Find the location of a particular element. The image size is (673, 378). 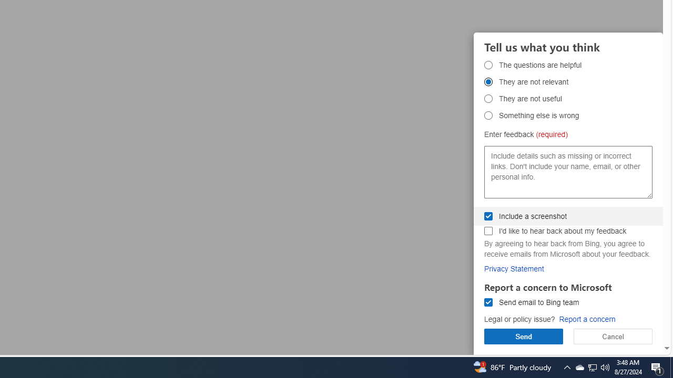

'AutomationID: fbpgdgSmtngWrong' is located at coordinates (488, 115).